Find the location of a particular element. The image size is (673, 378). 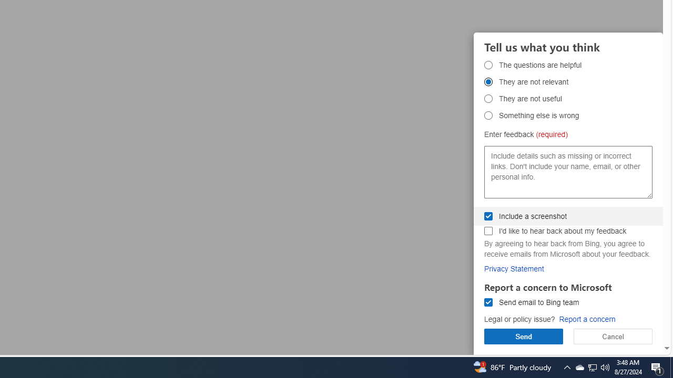

'AutomationID: fbpgdgSmtngWrong' is located at coordinates (488, 115).